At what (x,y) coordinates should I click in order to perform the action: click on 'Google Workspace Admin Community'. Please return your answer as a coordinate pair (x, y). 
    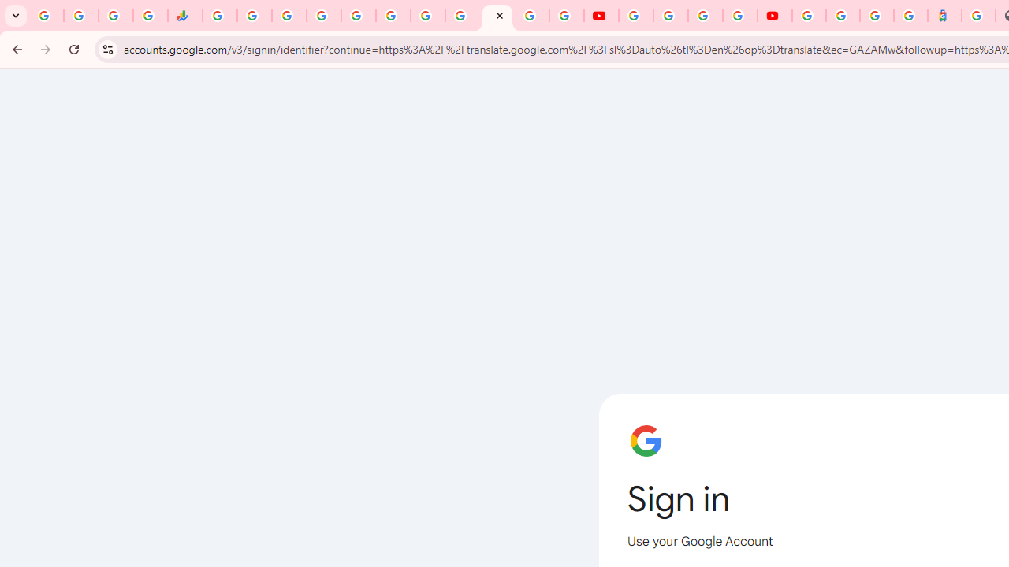
    Looking at the image, I should click on (46, 16).